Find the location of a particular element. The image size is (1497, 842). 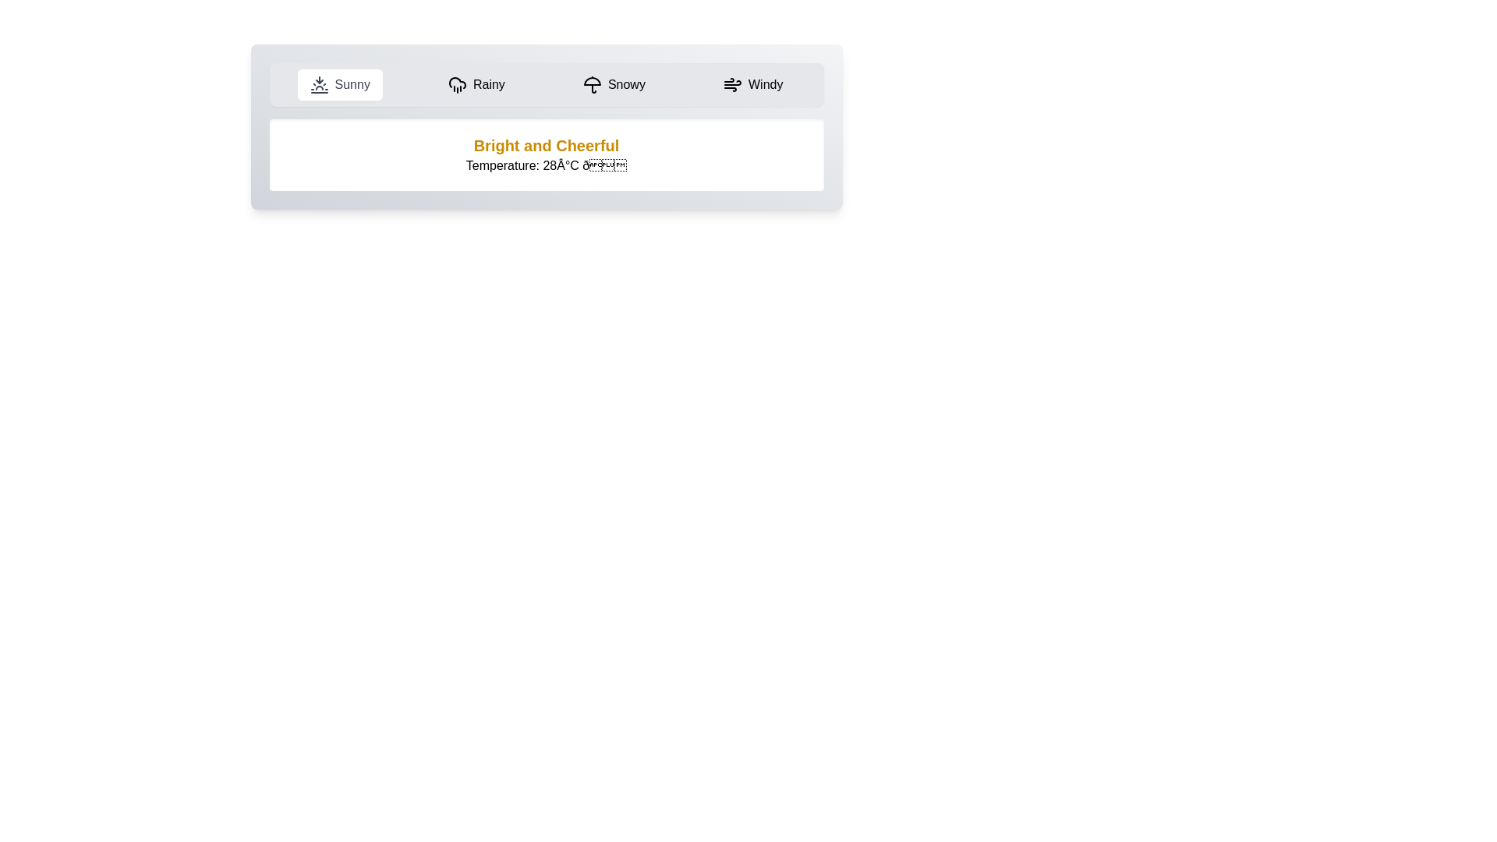

the Windy tab to display its content is located at coordinates (753, 84).